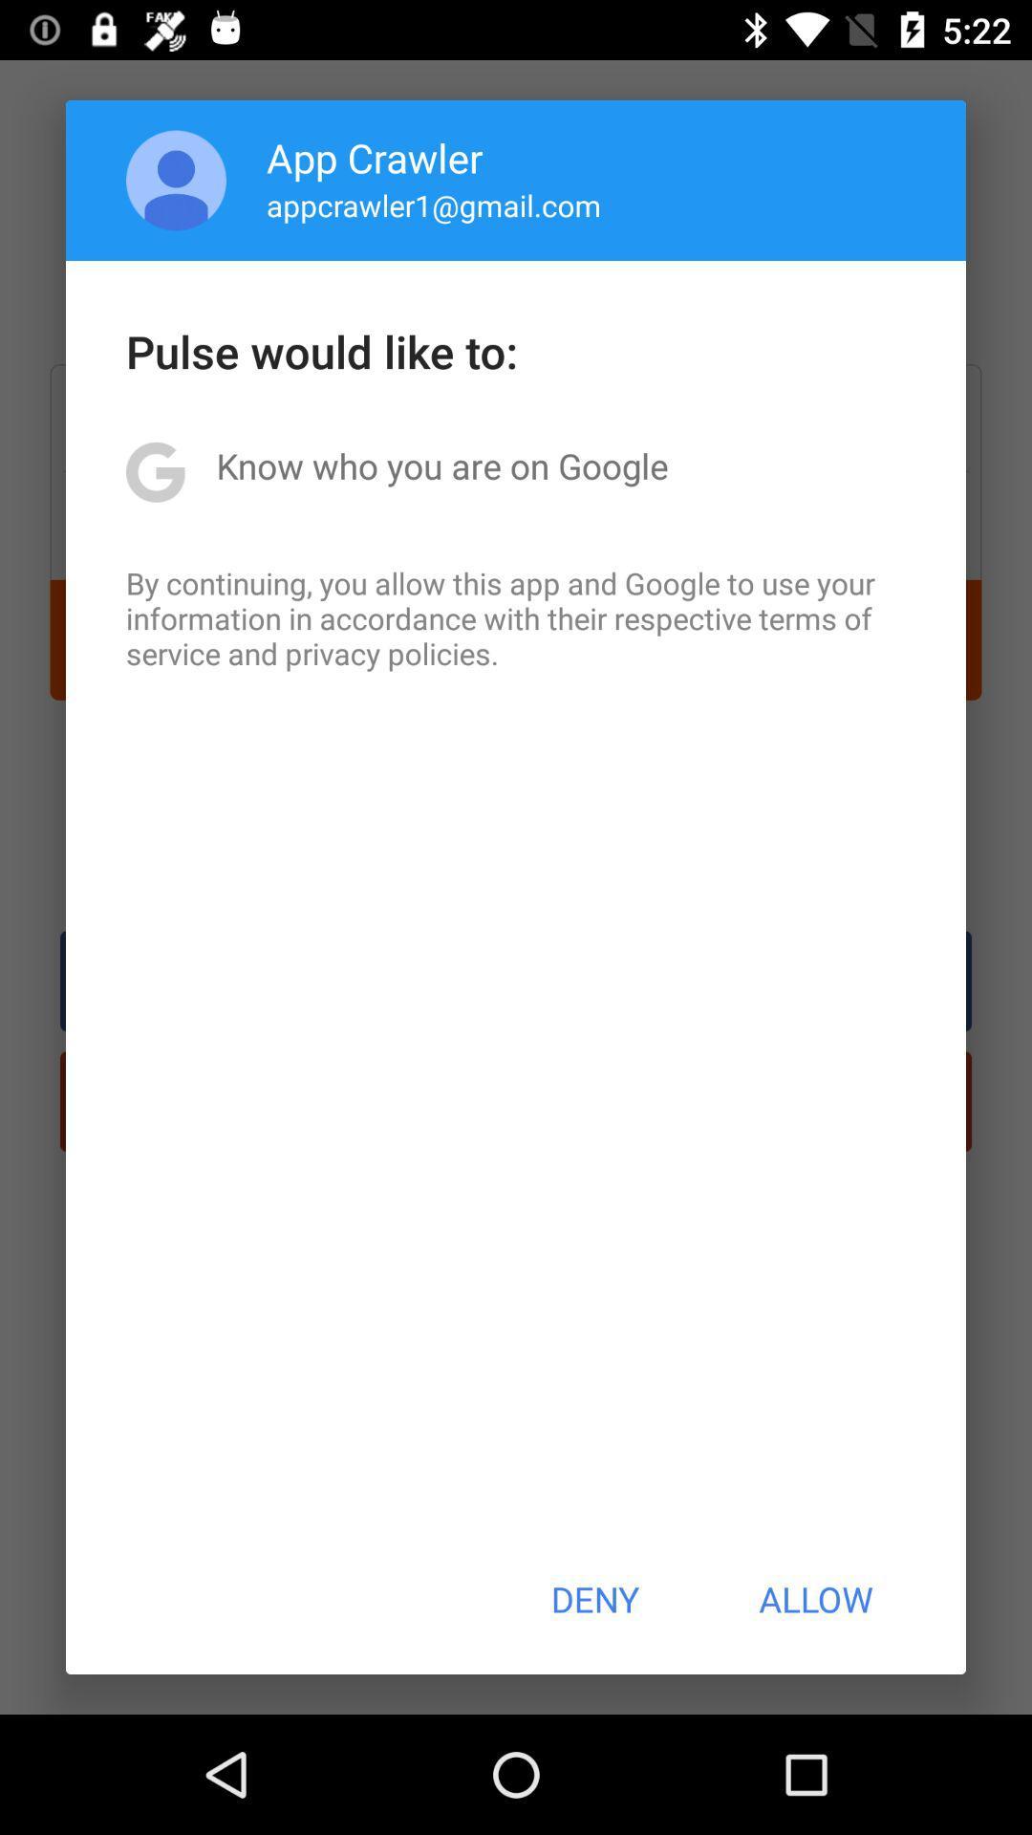 The width and height of the screenshot is (1032, 1835). What do you see at coordinates (593, 1599) in the screenshot?
I see `the icon below the by continuing you icon` at bounding box center [593, 1599].